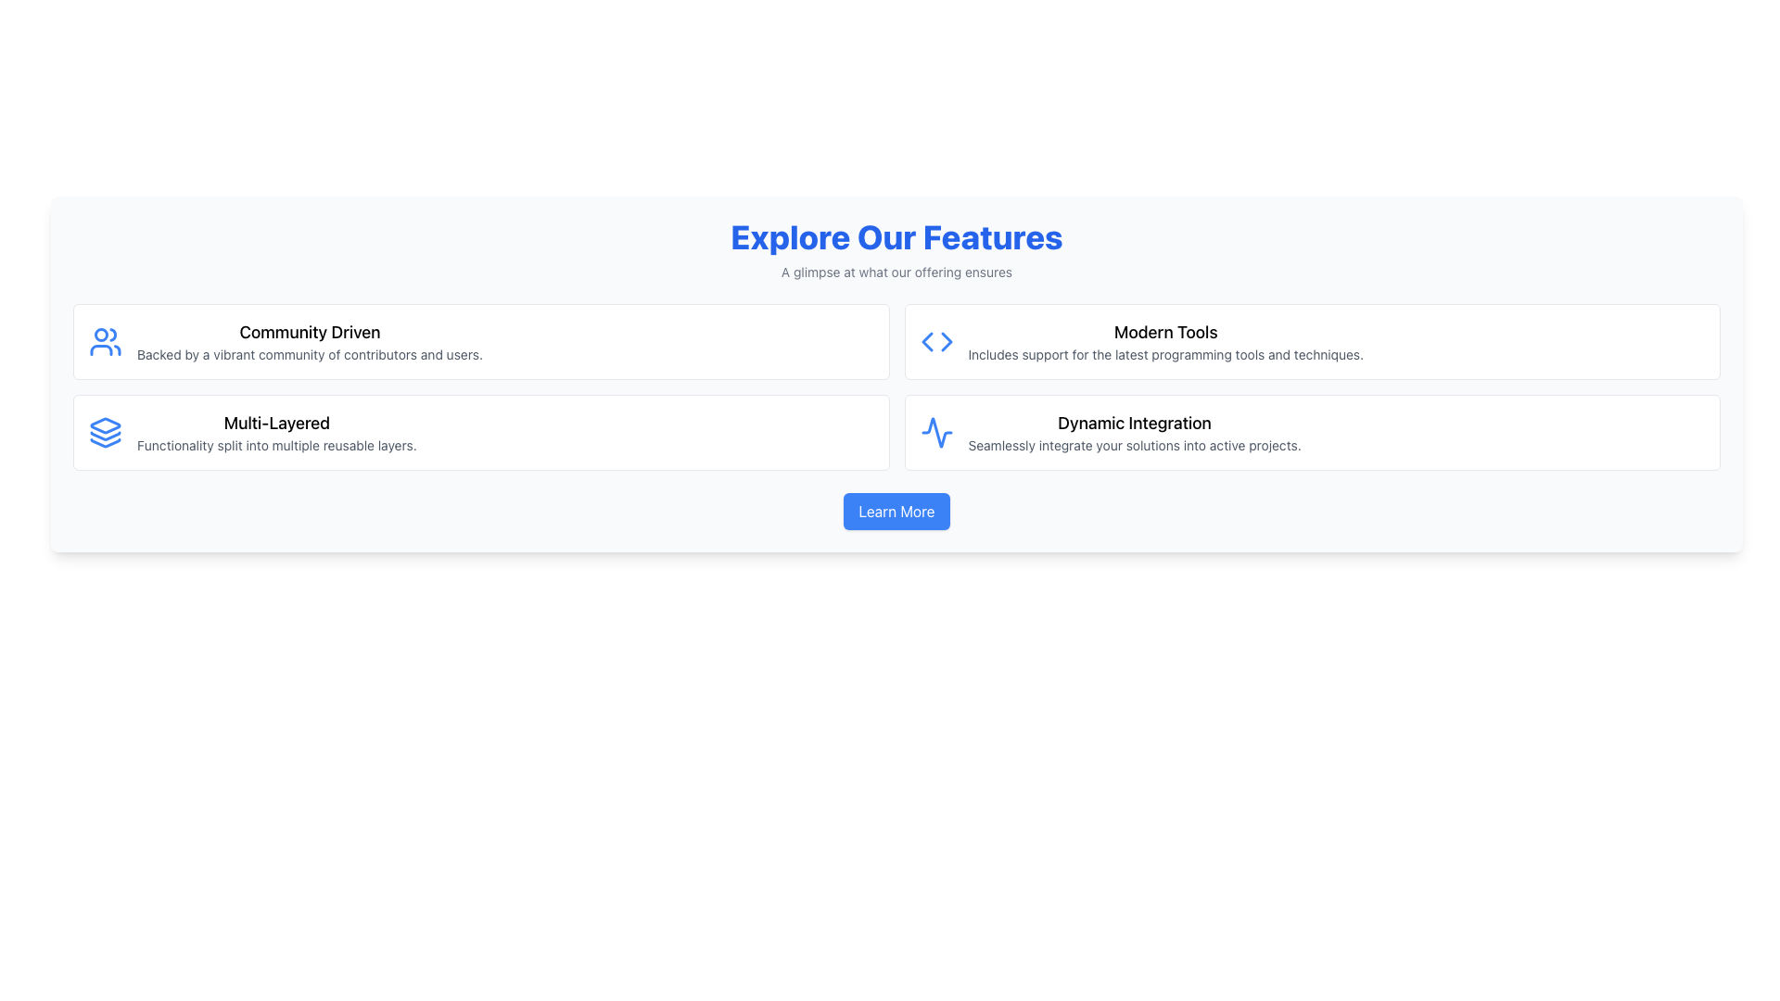 This screenshot has height=1001, width=1780. Describe the element at coordinates (936, 432) in the screenshot. I see `the icon indicating 'Dynamic Integration' located in the lower-right section of the grid layout, positioned to the left of the corresponding text` at that location.